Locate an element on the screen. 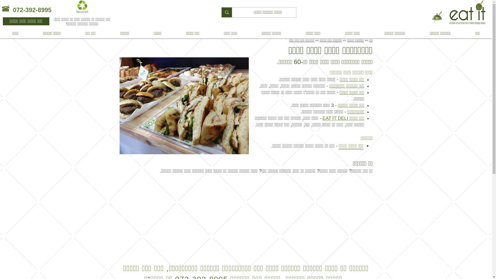 The width and height of the screenshot is (496, 279). '072-392-8995' is located at coordinates (32, 10).